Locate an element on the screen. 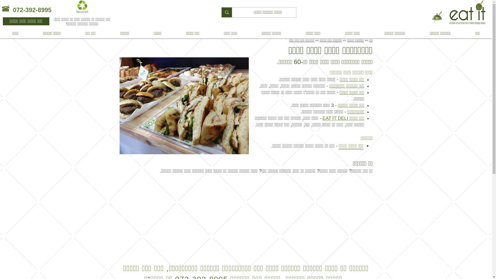 The width and height of the screenshot is (496, 279). '072-392-8995' is located at coordinates (32, 10).